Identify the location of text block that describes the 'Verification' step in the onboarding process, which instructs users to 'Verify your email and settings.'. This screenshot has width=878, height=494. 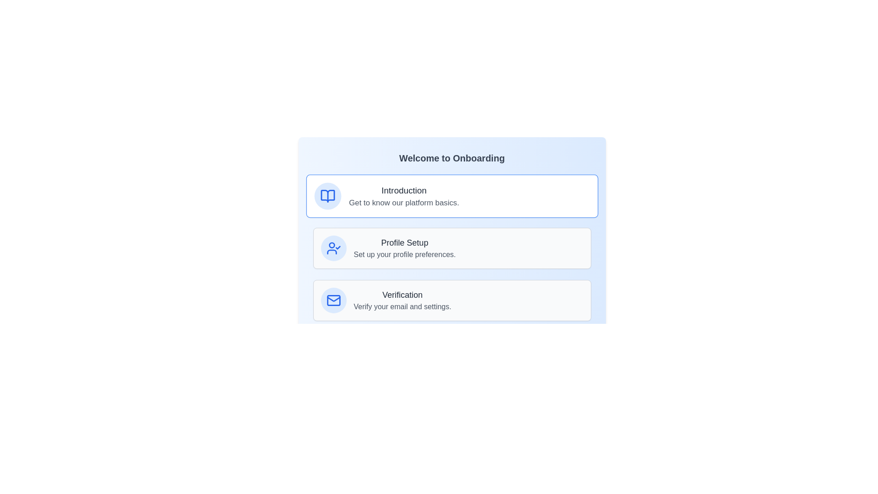
(402, 300).